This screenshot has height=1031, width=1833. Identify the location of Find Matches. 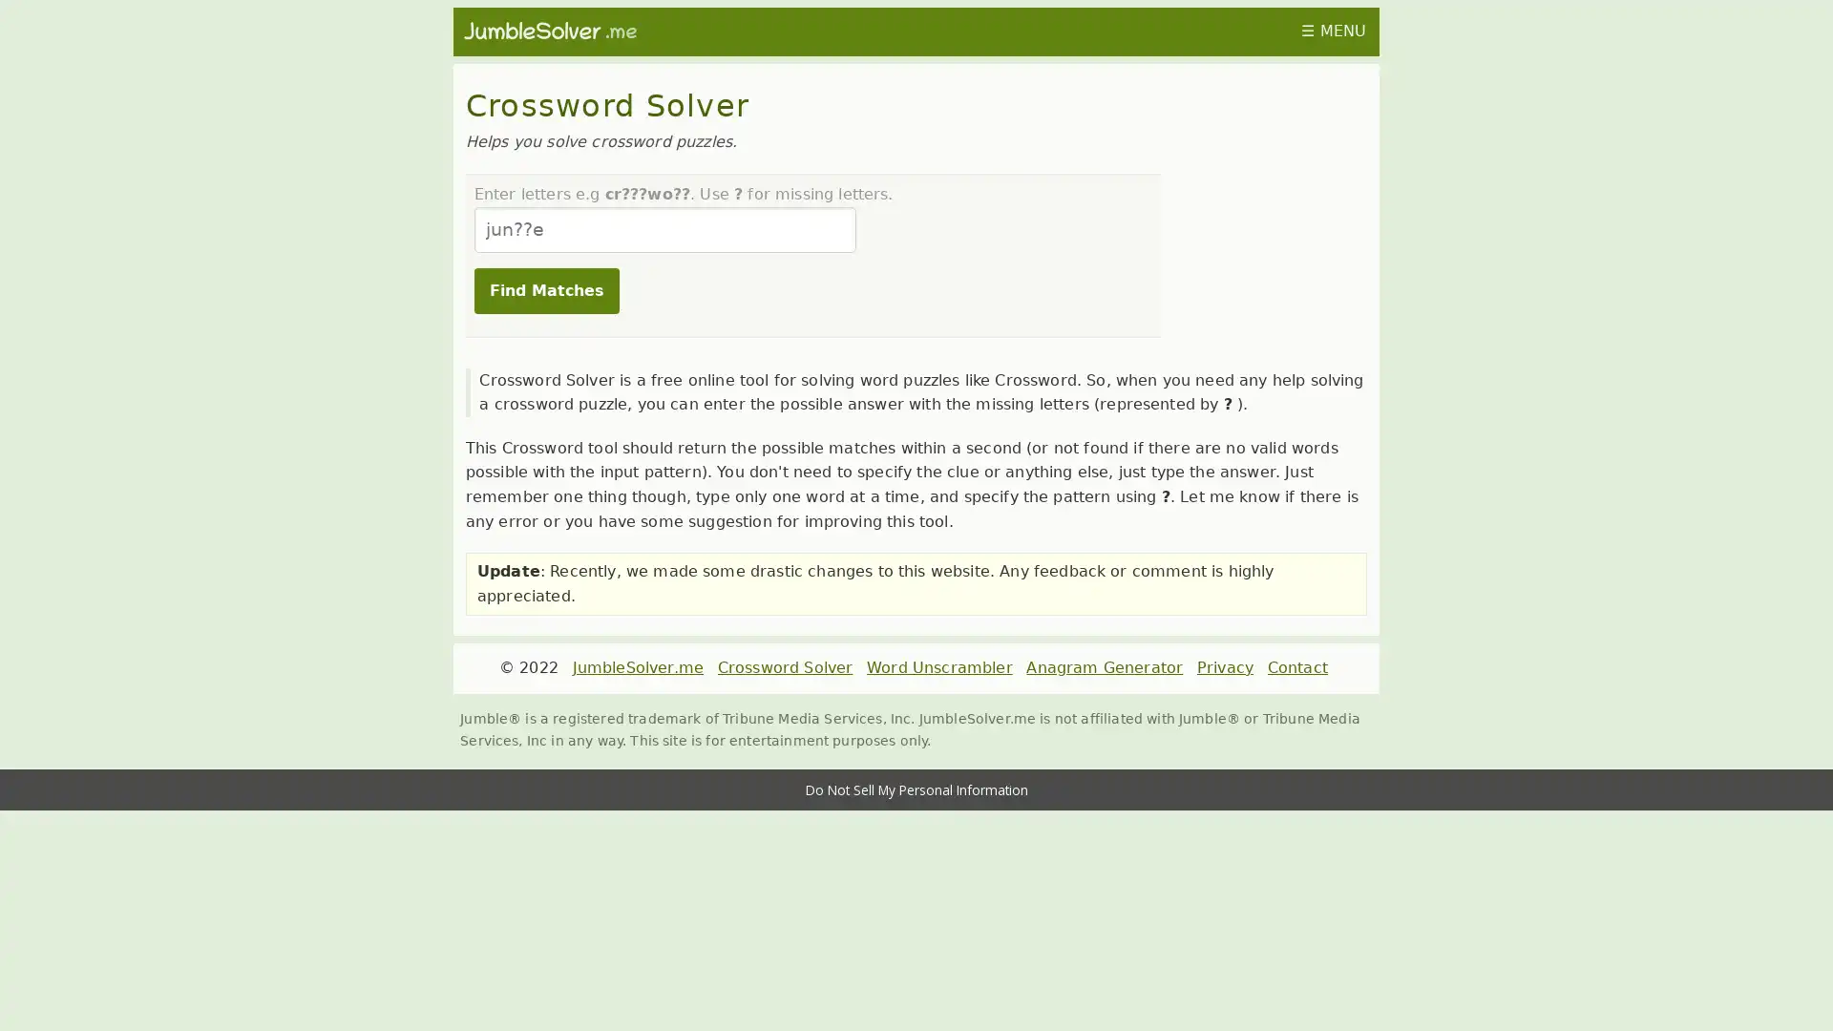
(544, 290).